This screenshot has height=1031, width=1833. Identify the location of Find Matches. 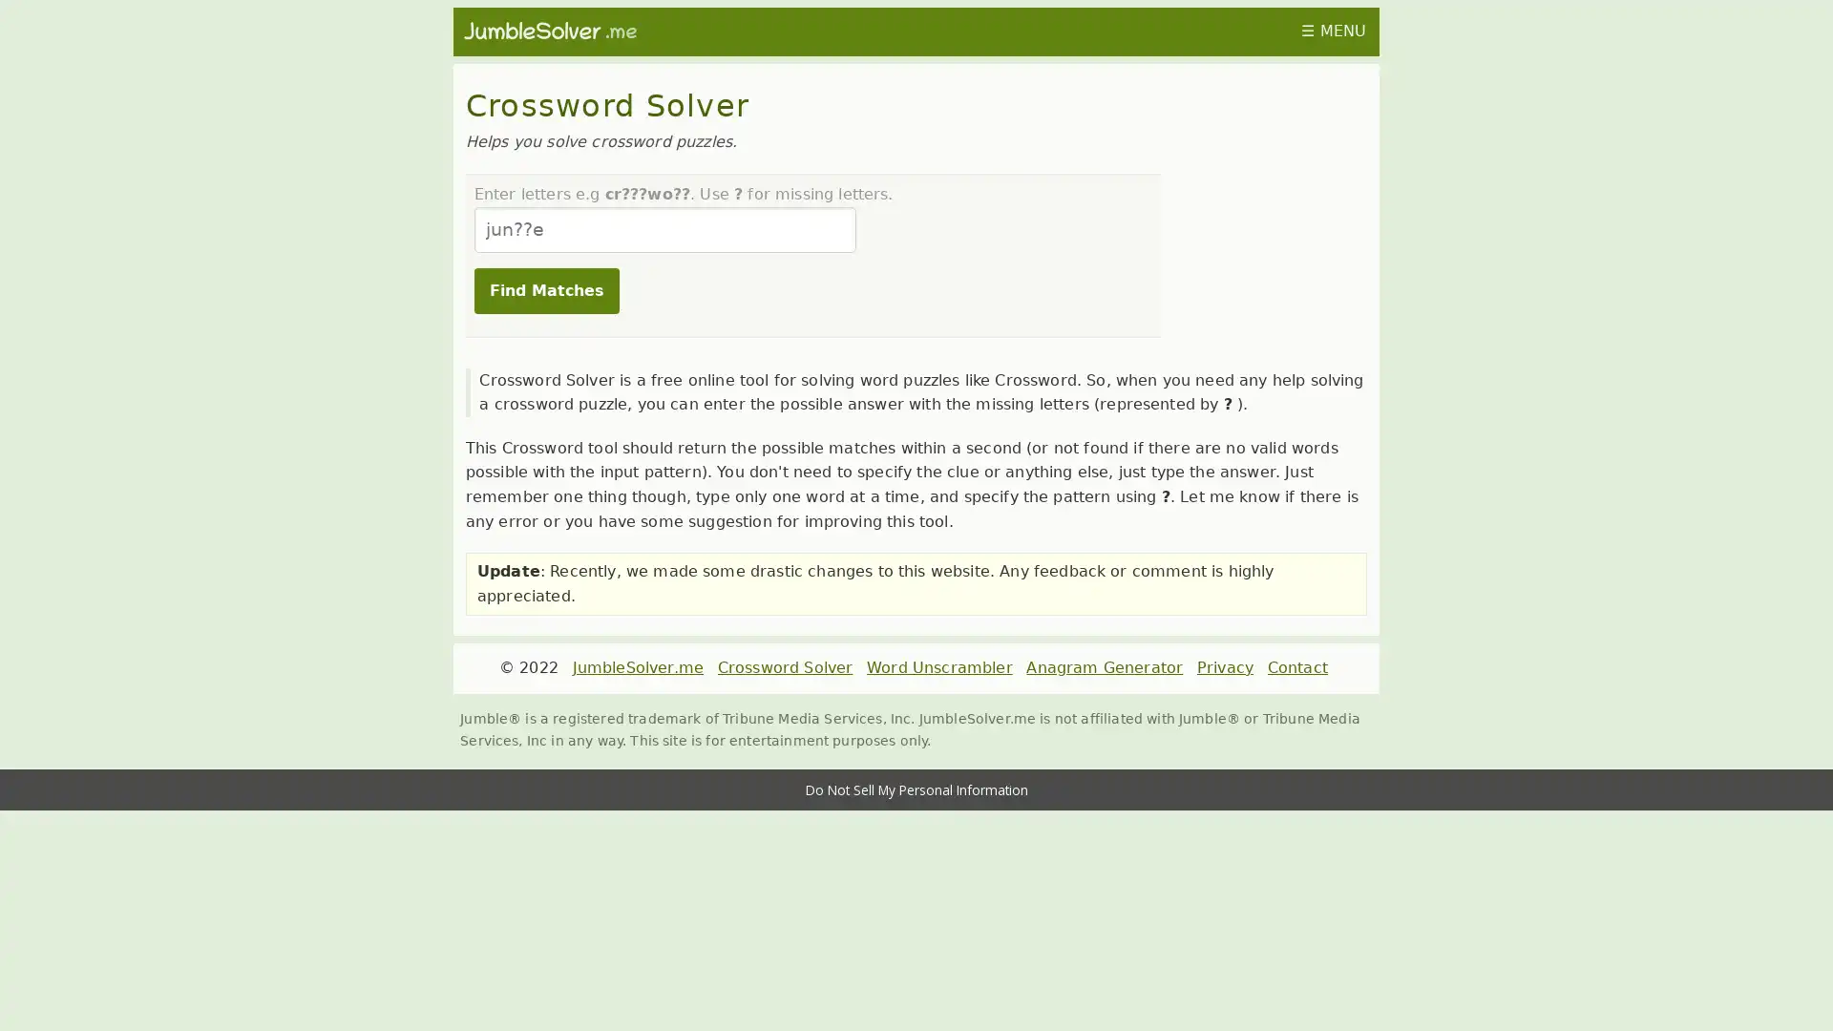
(544, 290).